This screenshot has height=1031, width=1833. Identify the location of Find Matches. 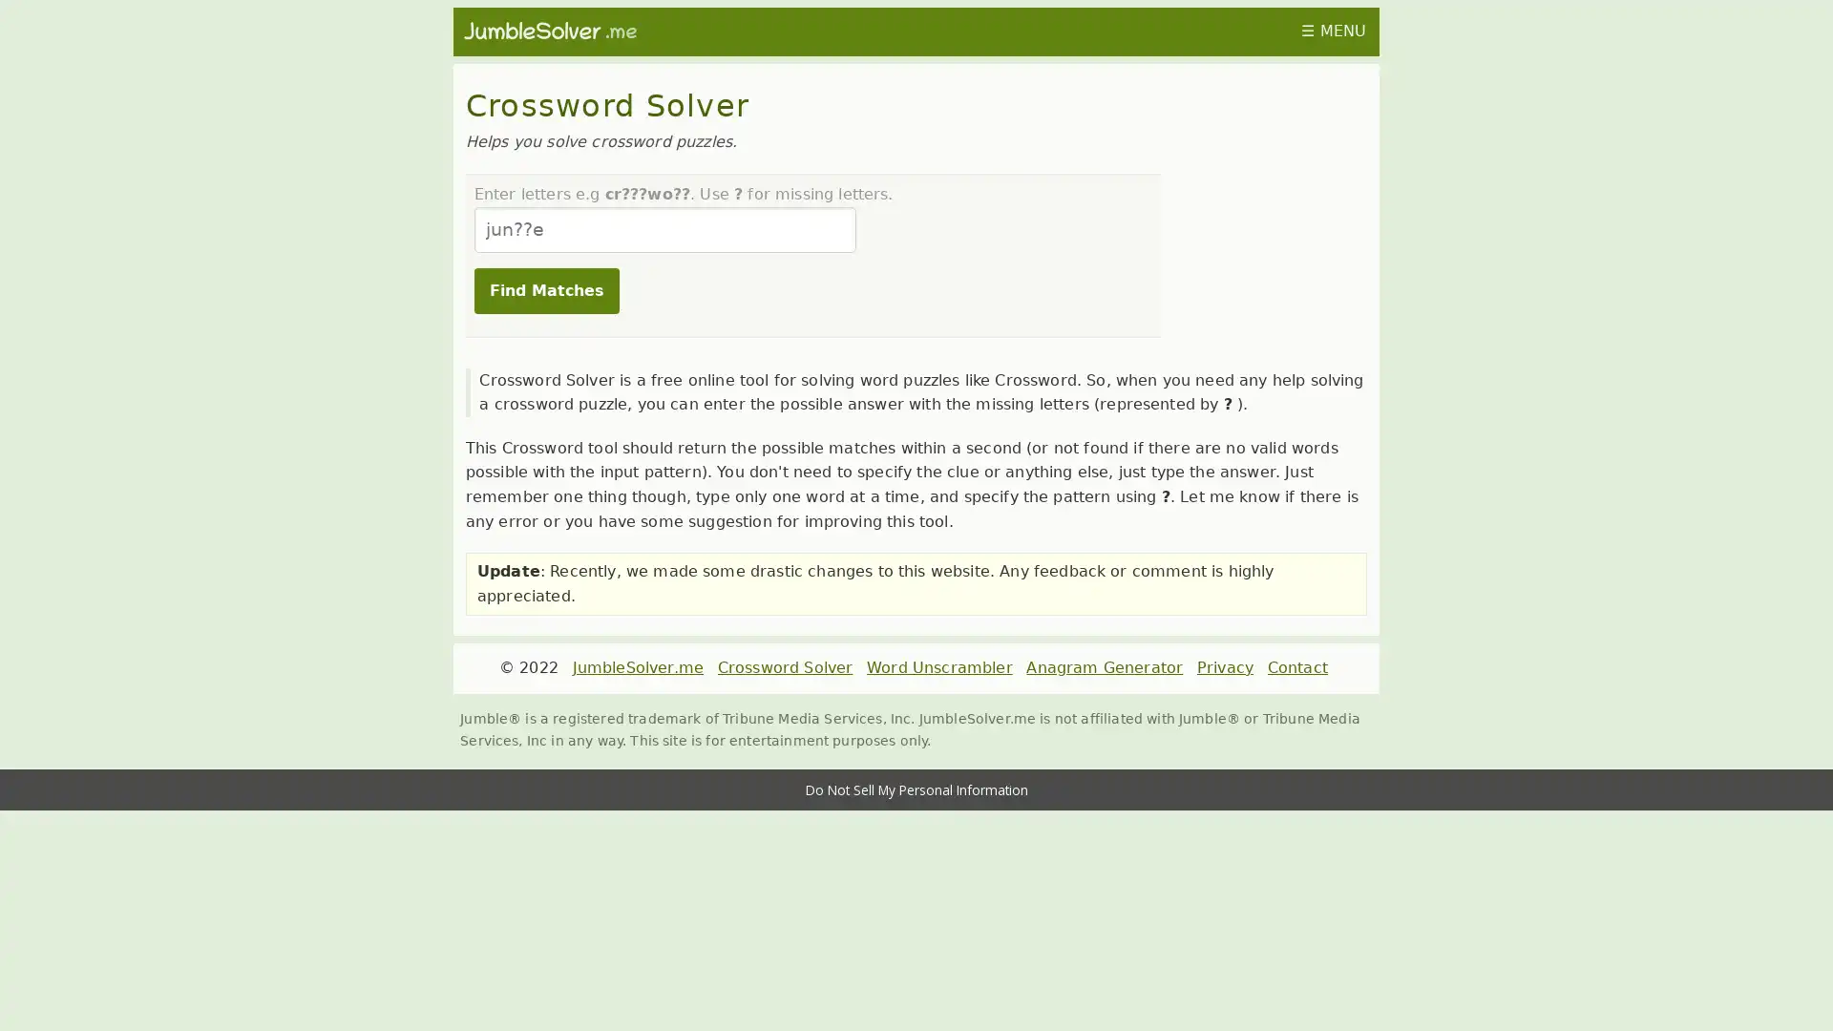
(544, 290).